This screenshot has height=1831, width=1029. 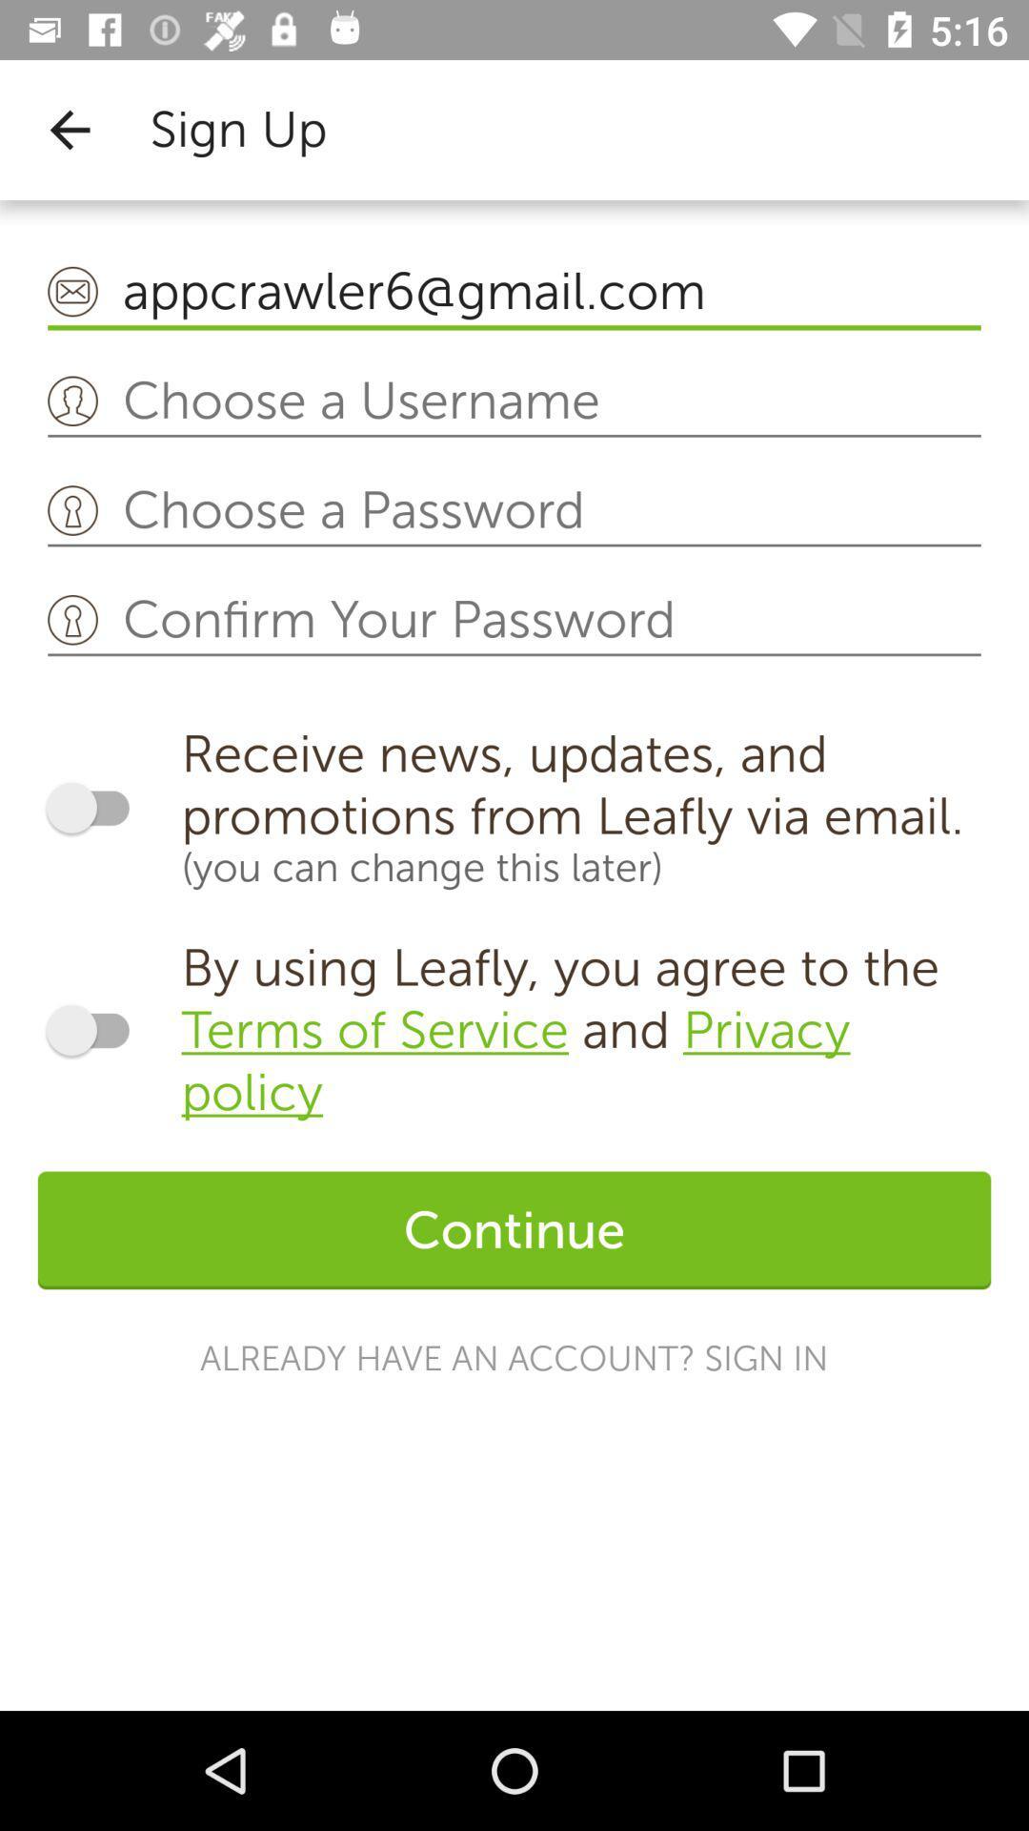 What do you see at coordinates (514, 621) in the screenshot?
I see `type your password again for confirmation` at bounding box center [514, 621].